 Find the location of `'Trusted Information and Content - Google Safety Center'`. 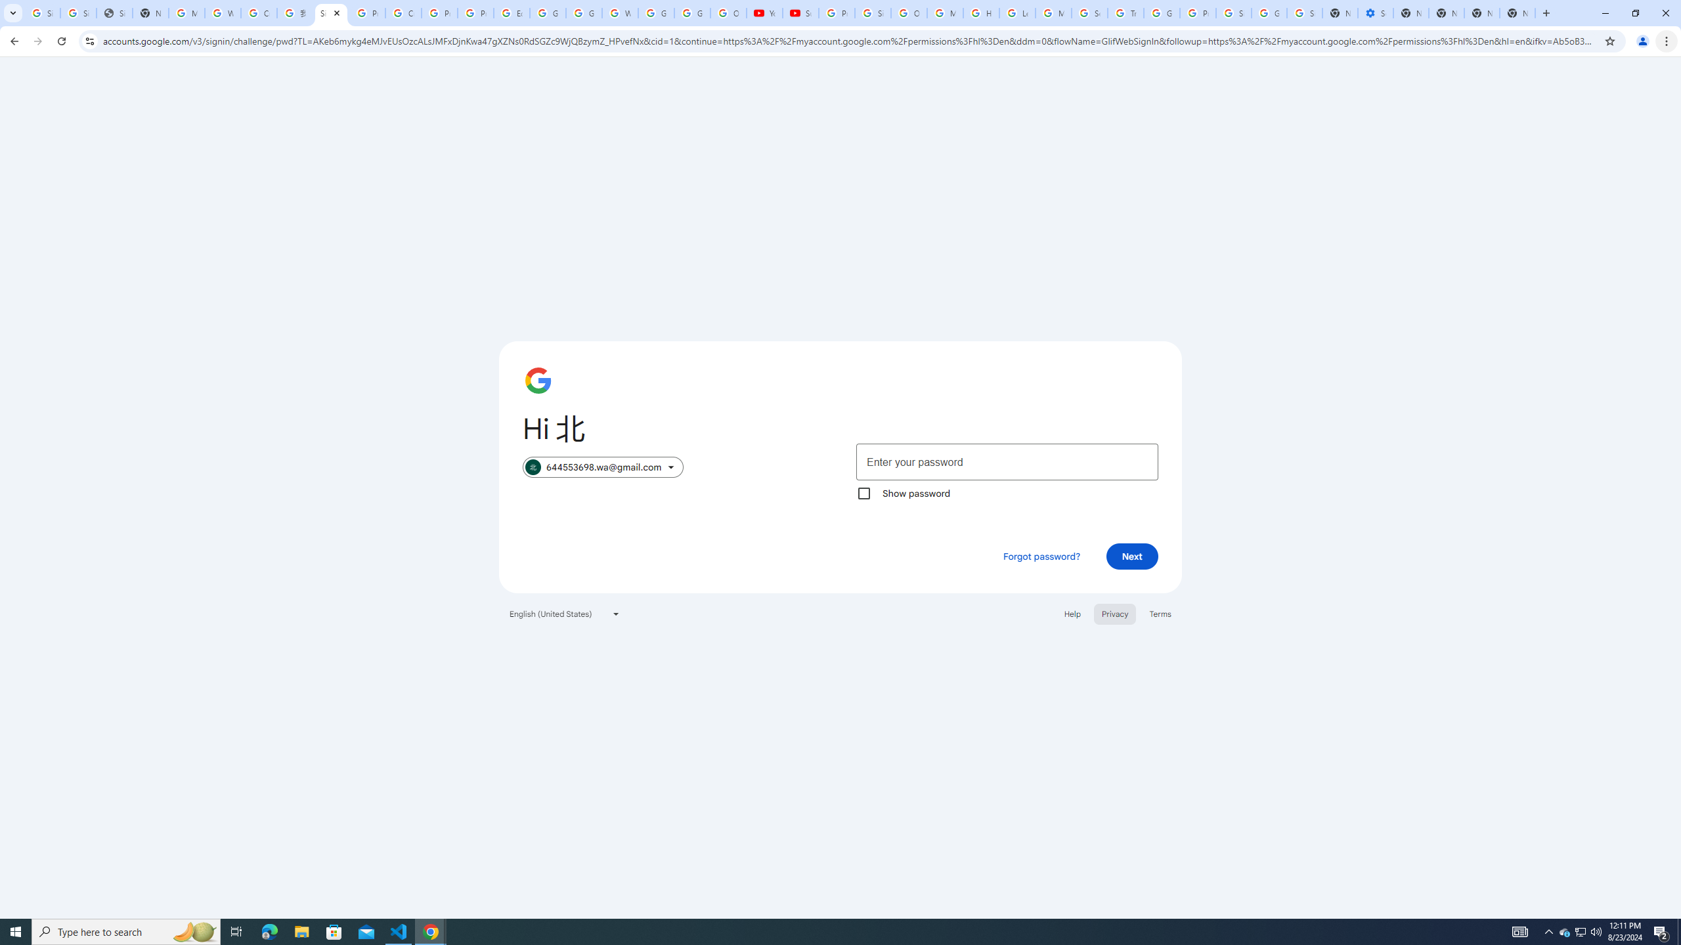

'Trusted Information and Content - Google Safety Center' is located at coordinates (1124, 12).